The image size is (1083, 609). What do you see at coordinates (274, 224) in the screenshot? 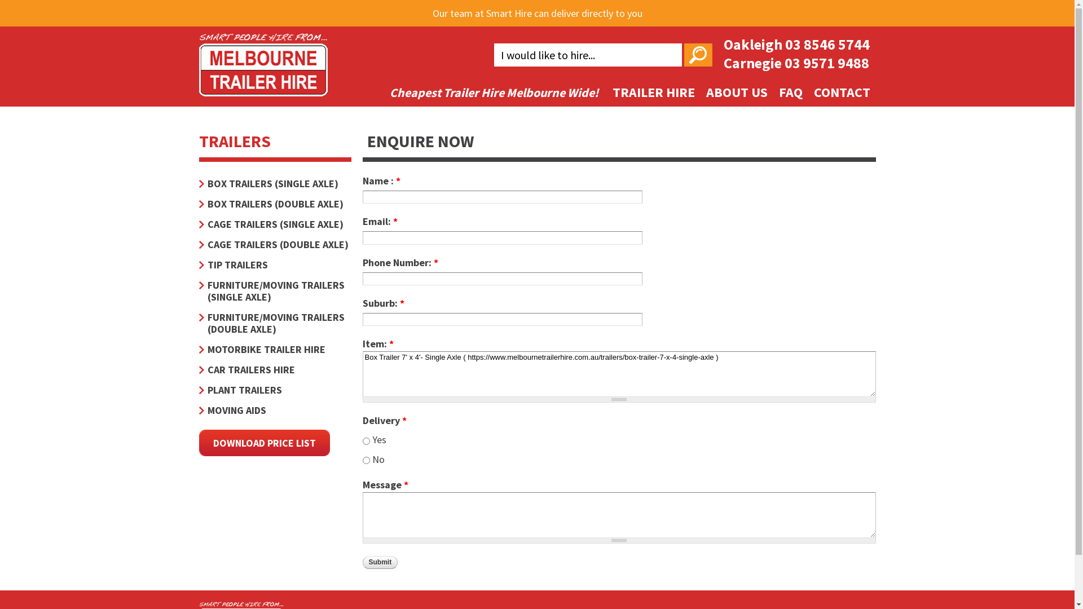
I see `'CAGE TRAILERS (SINGLE AXLE)'` at bounding box center [274, 224].